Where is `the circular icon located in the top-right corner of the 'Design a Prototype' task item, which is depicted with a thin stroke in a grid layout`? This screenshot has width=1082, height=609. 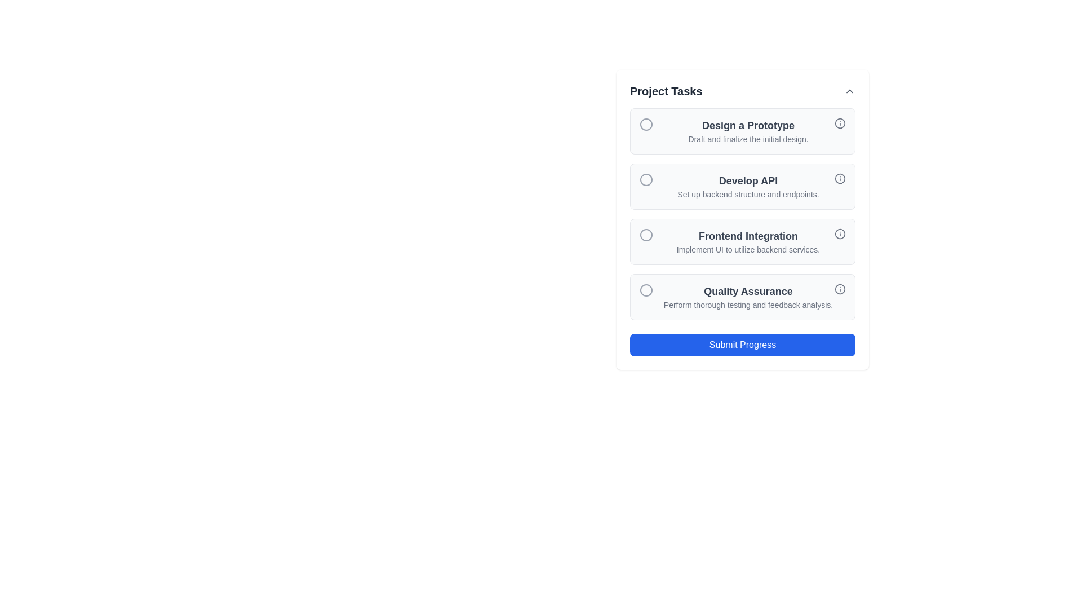
the circular icon located in the top-right corner of the 'Design a Prototype' task item, which is depicted with a thin stroke in a grid layout is located at coordinates (840, 123).